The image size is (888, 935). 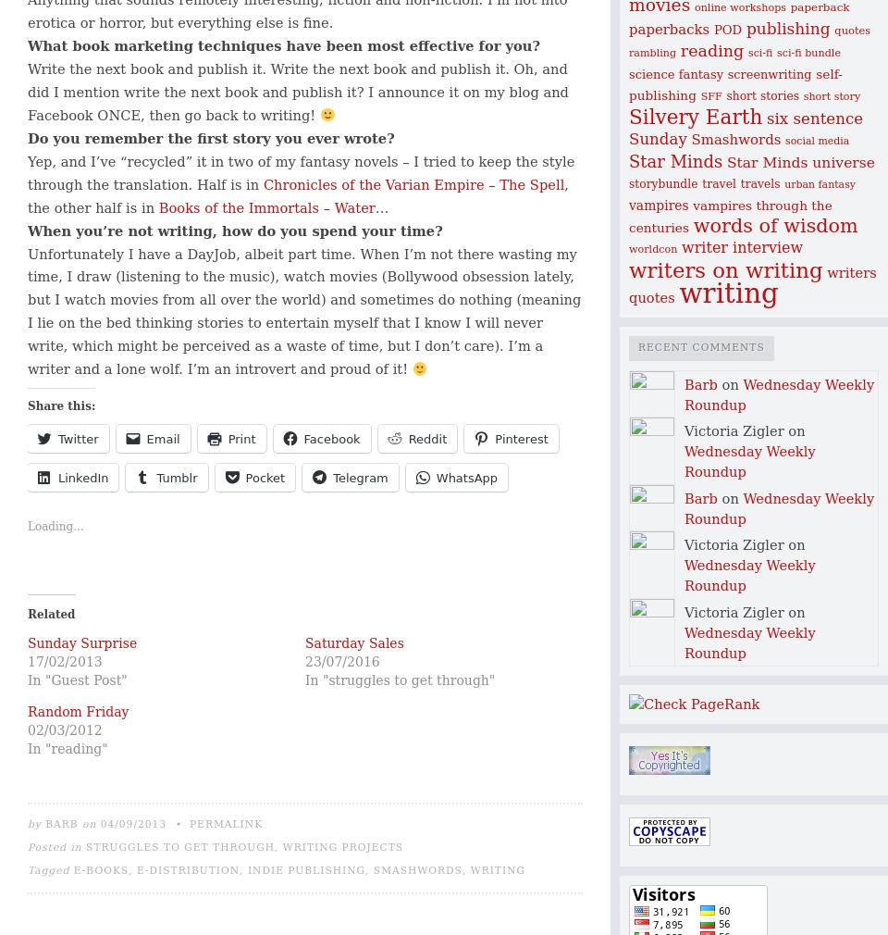 I want to click on 'social media', so click(x=816, y=140).